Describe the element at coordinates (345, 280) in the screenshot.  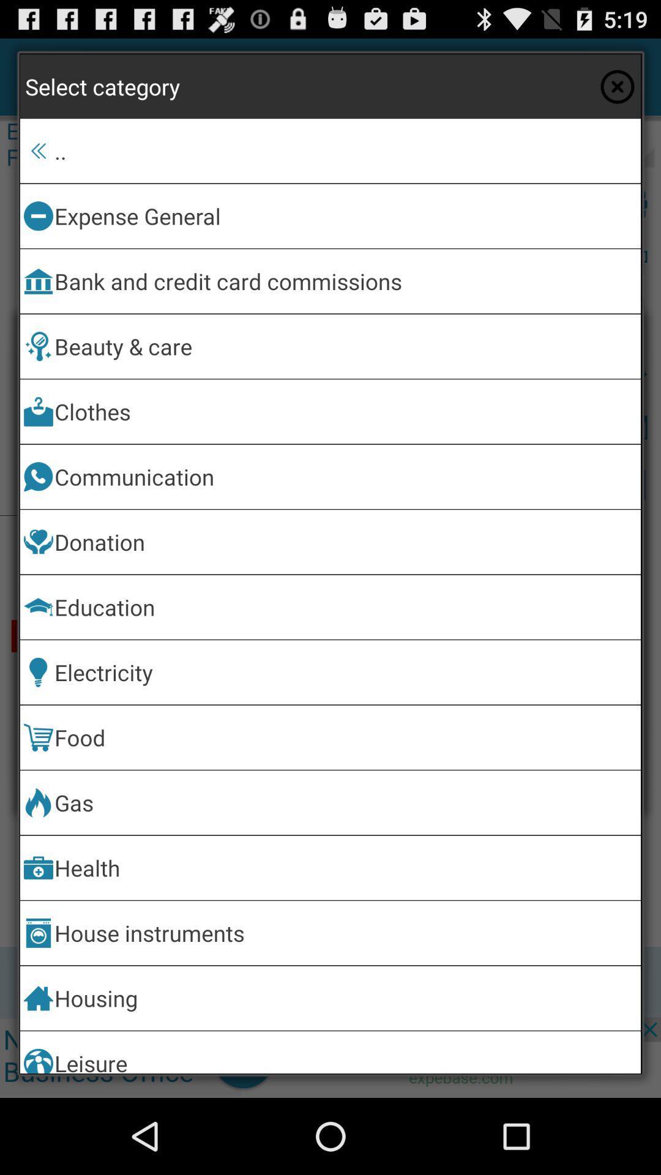
I see `icon above the beauty & care app` at that location.